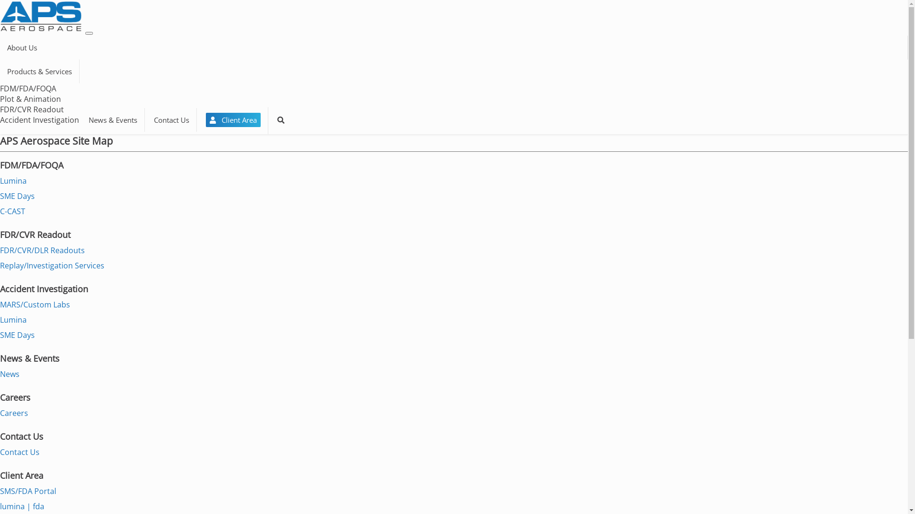 The width and height of the screenshot is (915, 514). What do you see at coordinates (233, 119) in the screenshot?
I see `'  Client Area'` at bounding box center [233, 119].